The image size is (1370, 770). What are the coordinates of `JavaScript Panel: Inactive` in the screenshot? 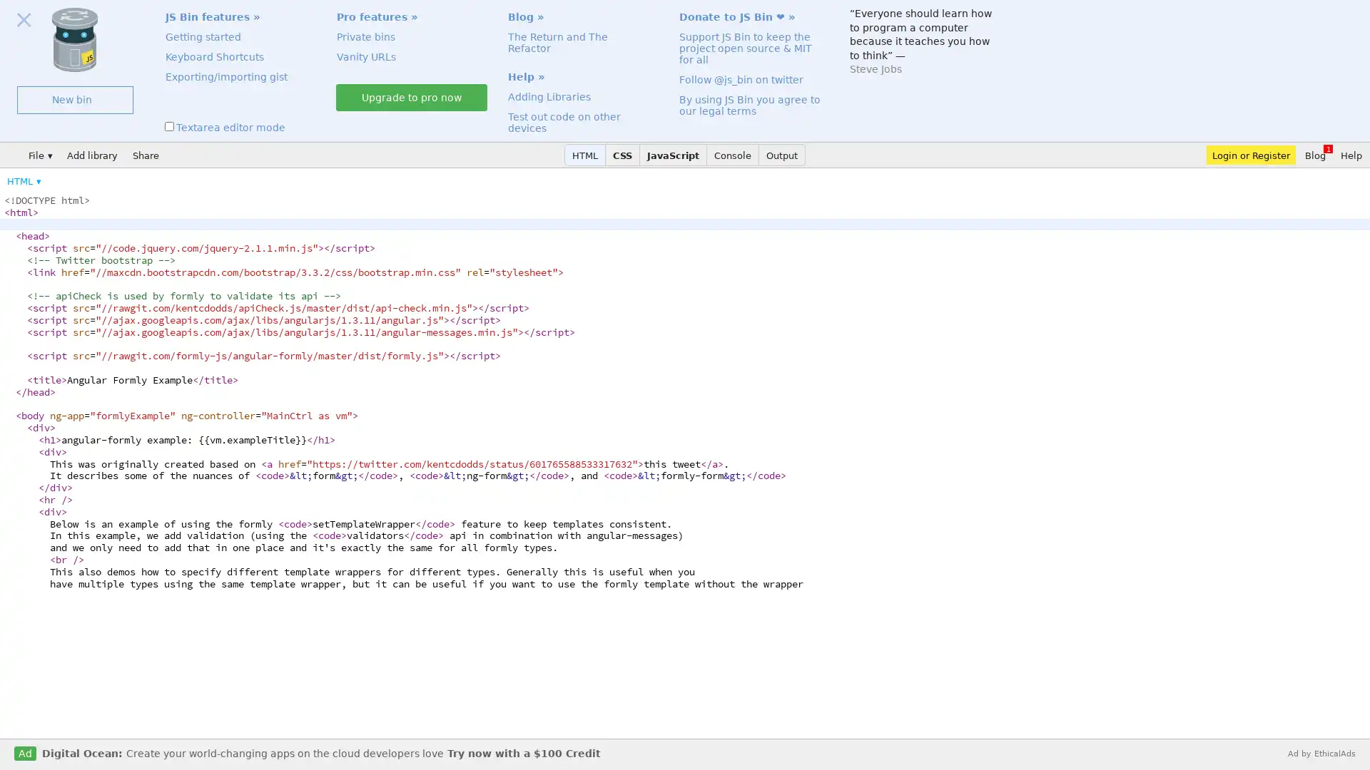 It's located at (673, 155).